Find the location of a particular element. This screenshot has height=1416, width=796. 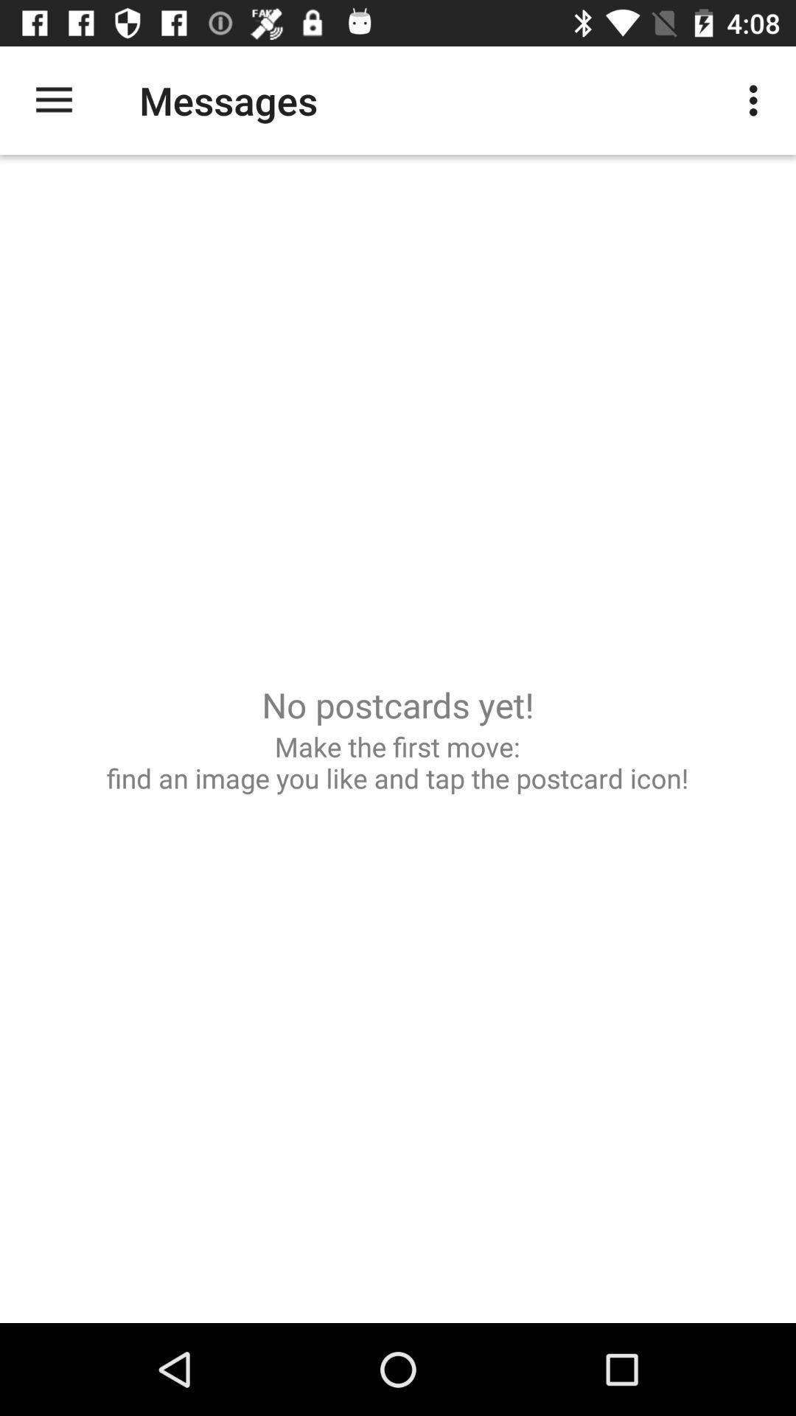

the item to the right of the messages icon is located at coordinates (757, 100).